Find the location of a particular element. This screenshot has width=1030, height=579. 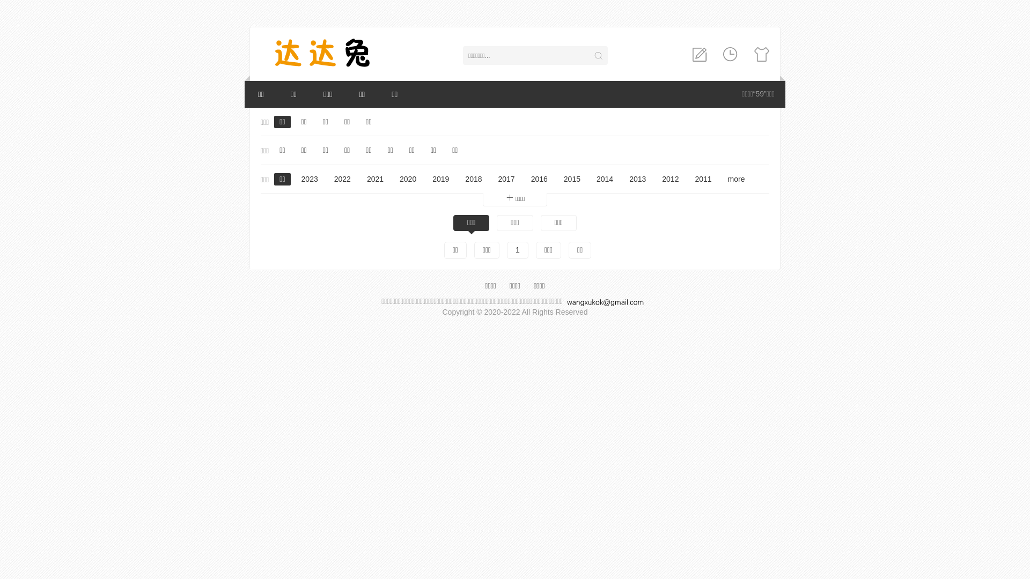

'2012' is located at coordinates (669, 179).